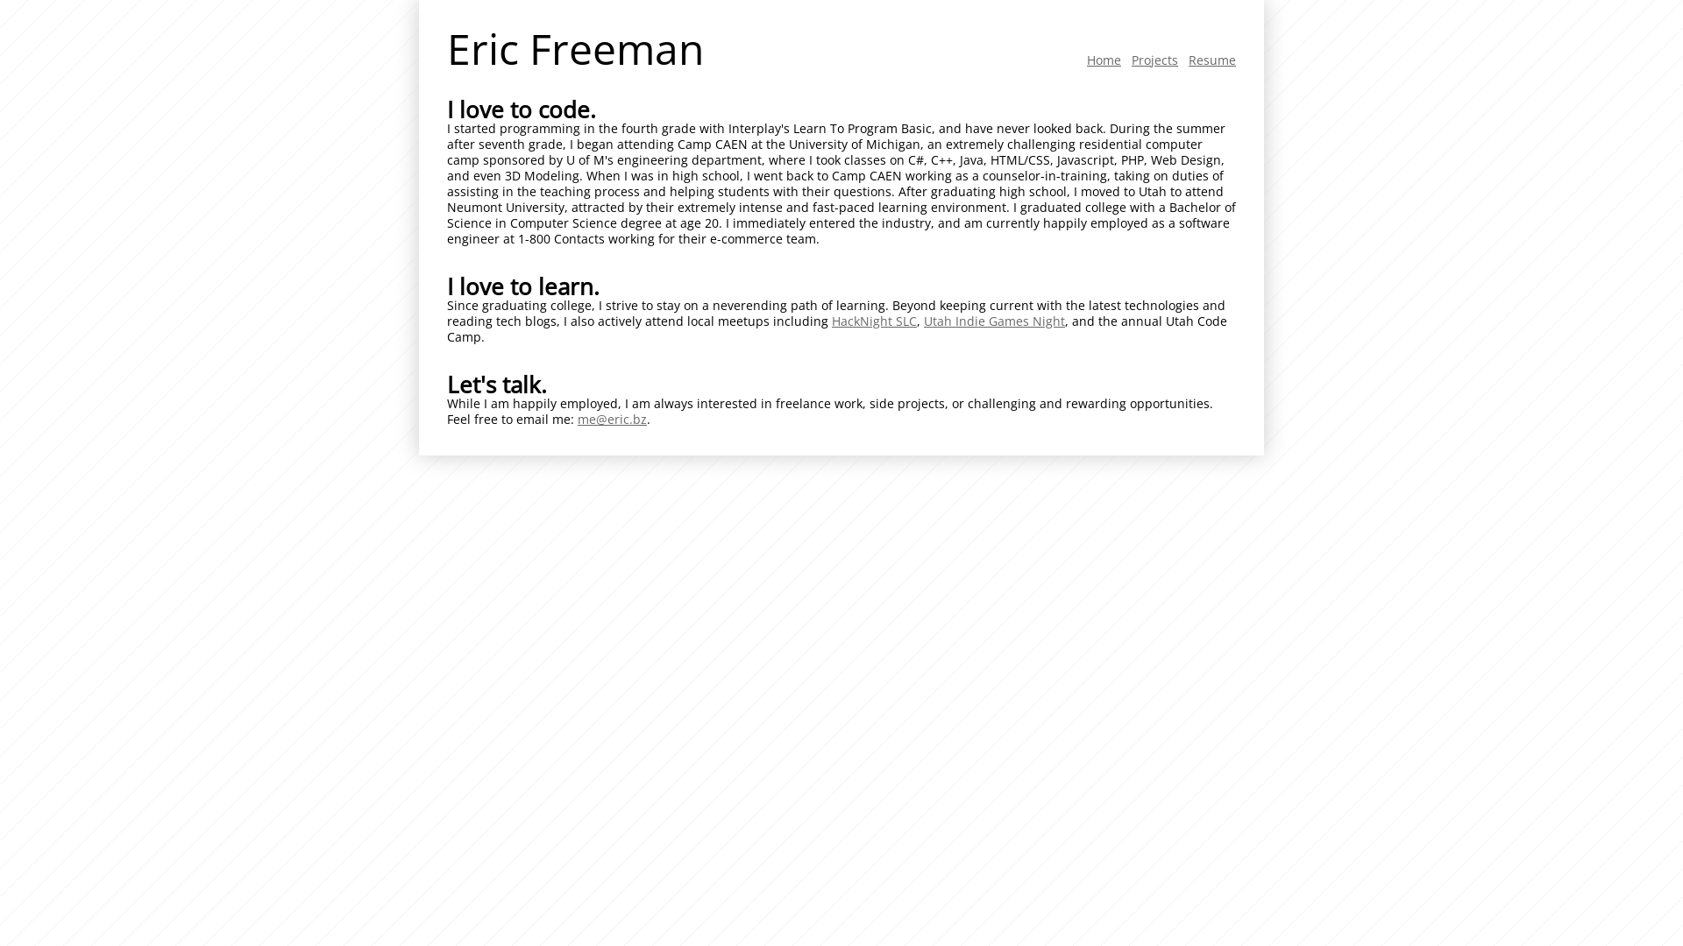 The image size is (1683, 946). Describe the element at coordinates (874, 321) in the screenshot. I see `'HackNight SLC'` at that location.